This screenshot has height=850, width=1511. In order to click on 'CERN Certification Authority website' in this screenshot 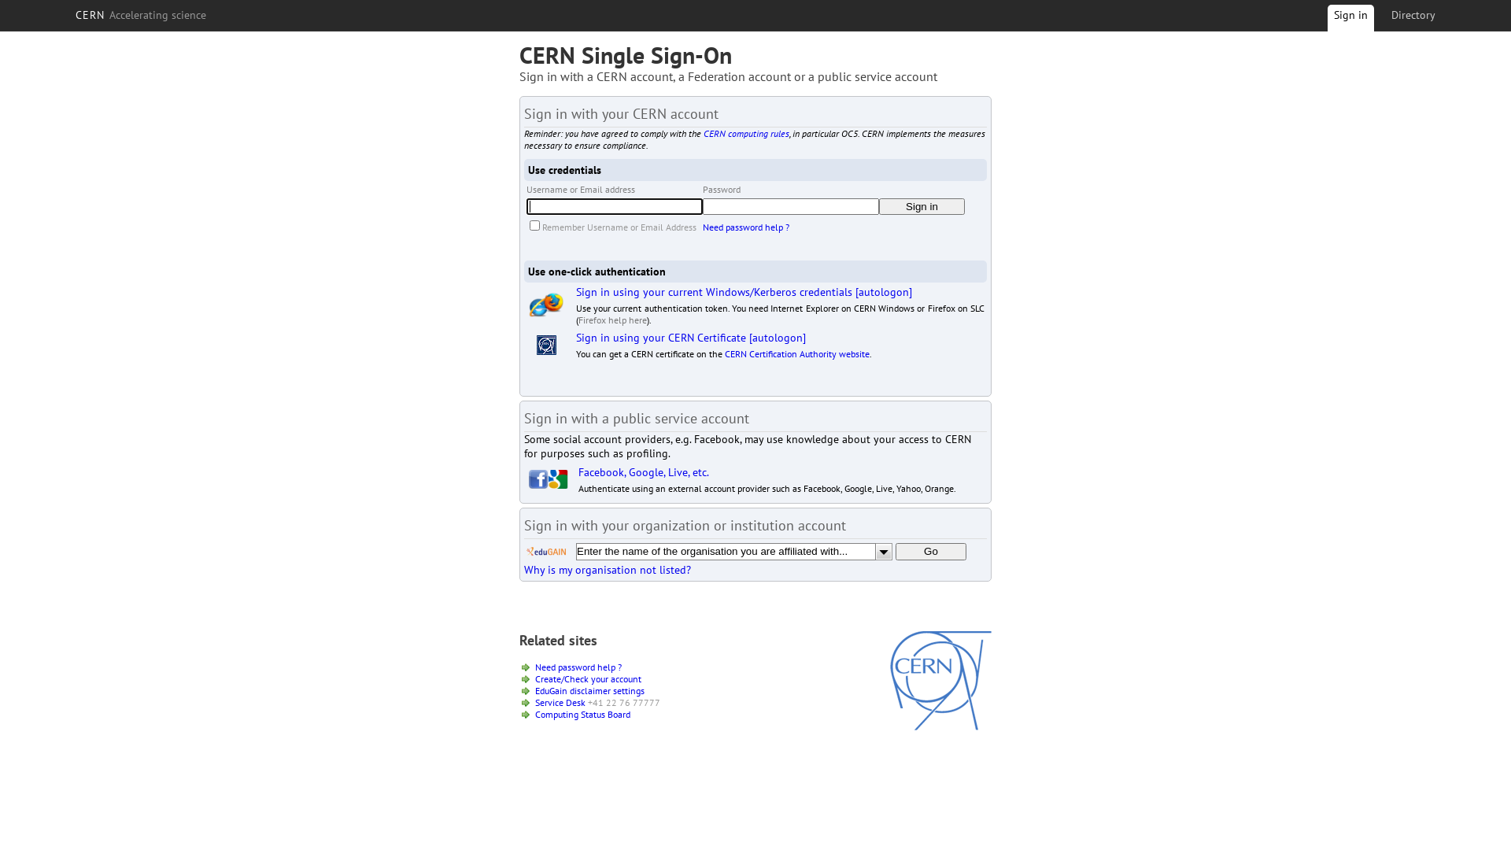, I will do `click(796, 353)`.